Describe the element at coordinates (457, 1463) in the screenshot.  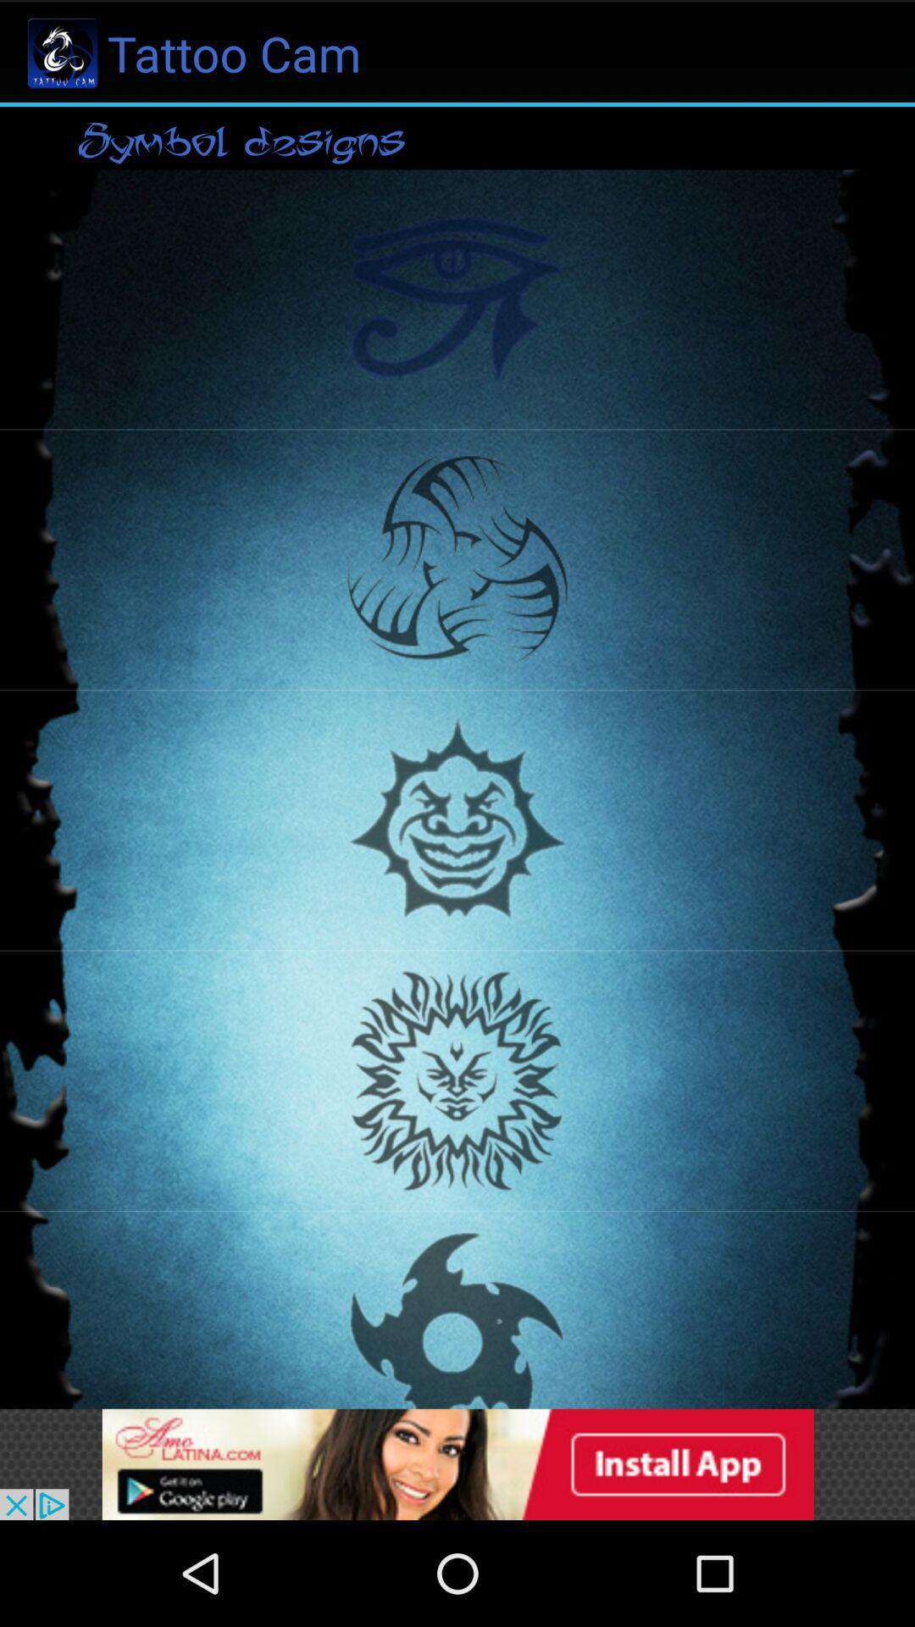
I see `advertisement to install app` at that location.